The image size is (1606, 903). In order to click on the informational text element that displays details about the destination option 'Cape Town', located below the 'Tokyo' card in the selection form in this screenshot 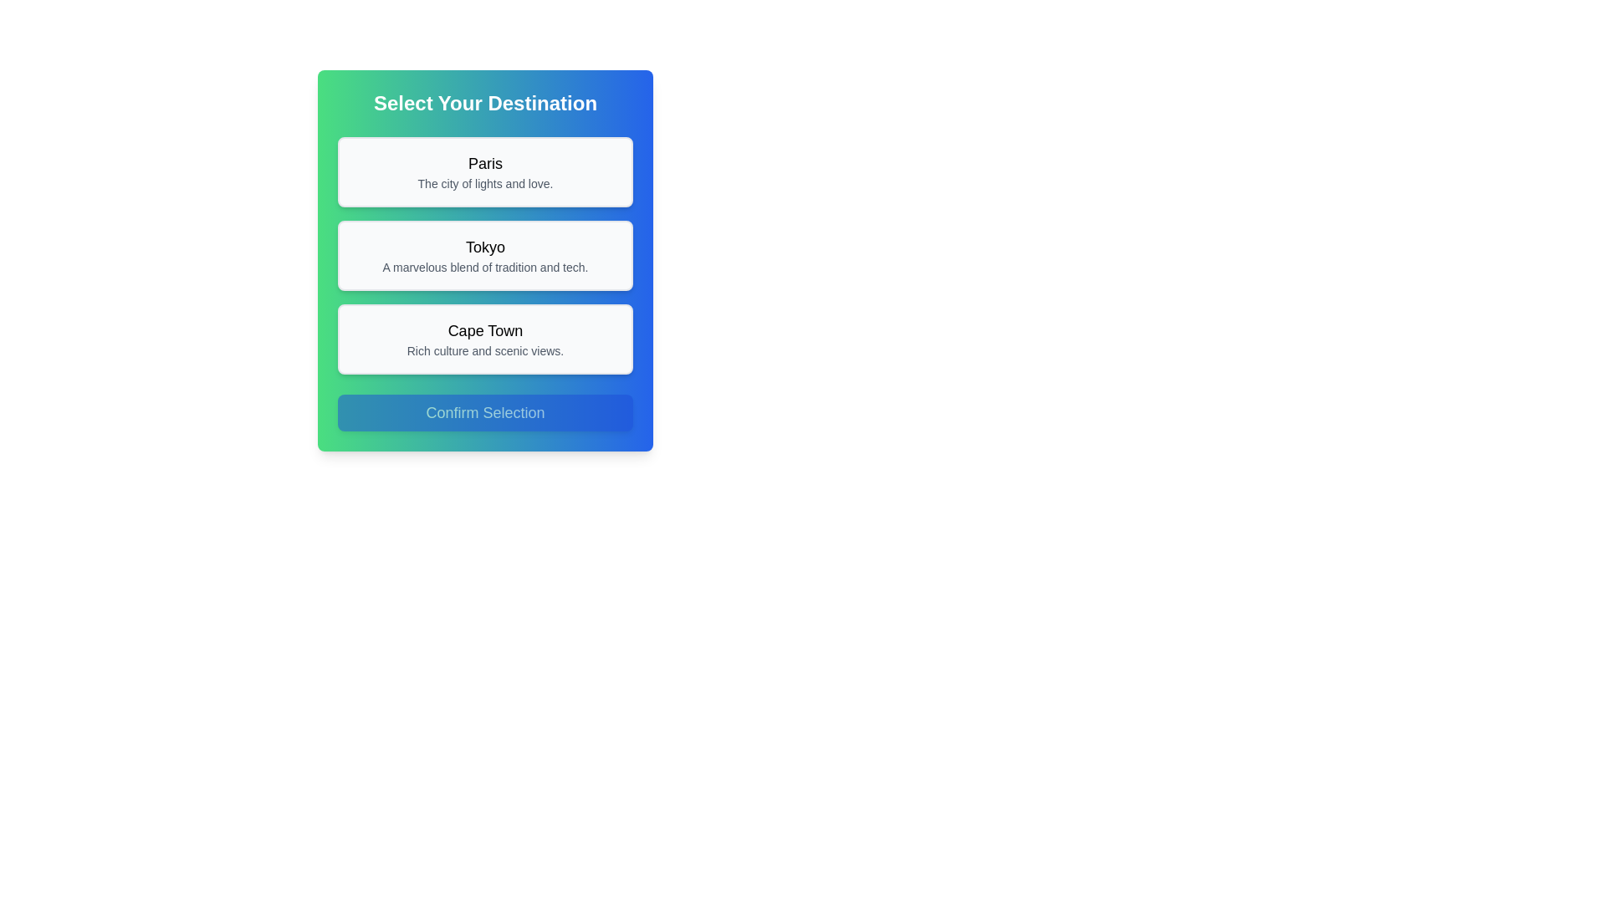, I will do `click(484, 350)`.